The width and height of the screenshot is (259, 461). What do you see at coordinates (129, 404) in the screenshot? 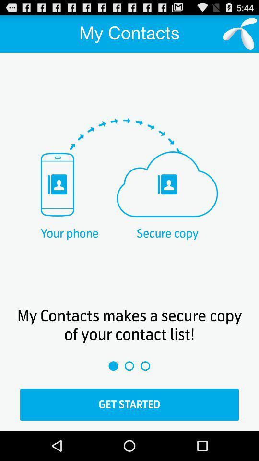
I see `the option get started` at bounding box center [129, 404].